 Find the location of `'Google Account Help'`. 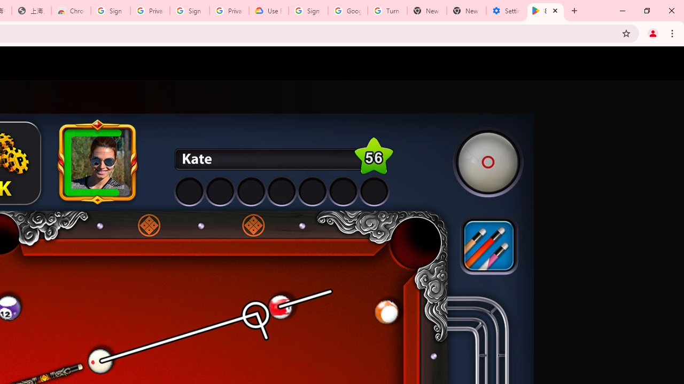

'Google Account Help' is located at coordinates (348, 11).